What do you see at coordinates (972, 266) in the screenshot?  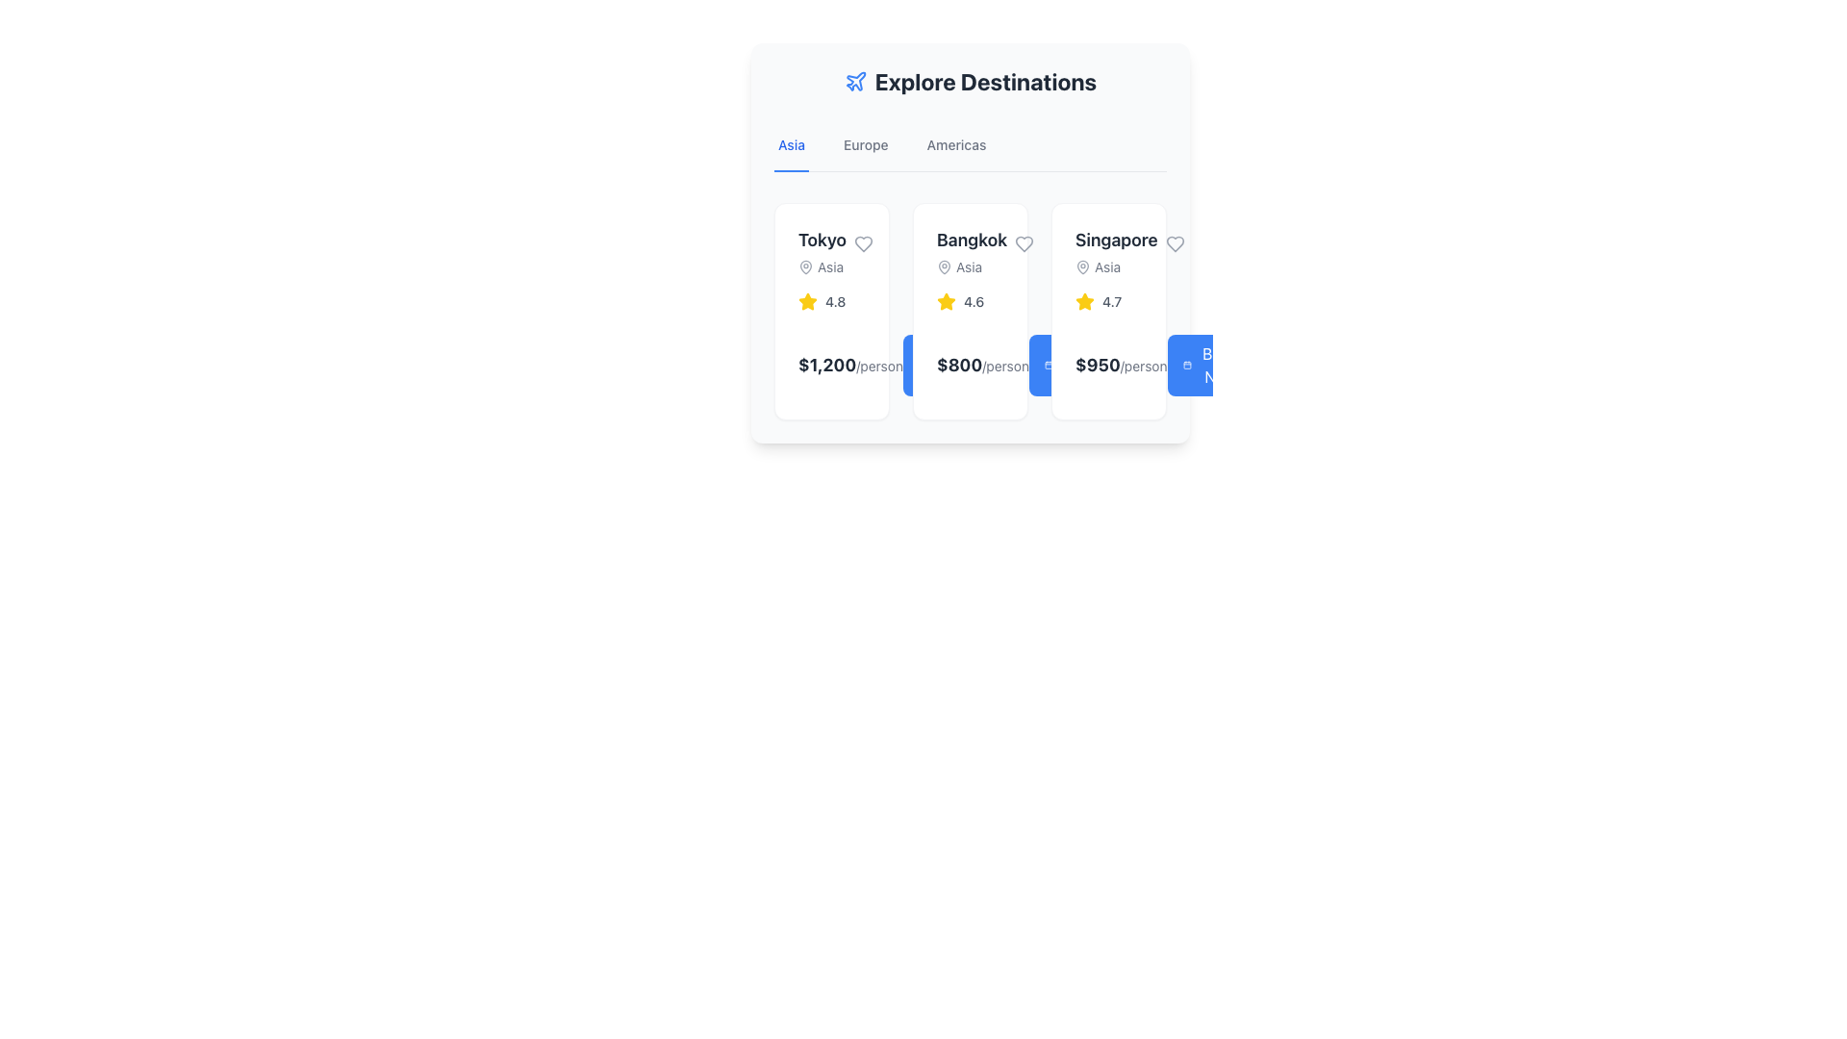 I see `the text indicating the geographical region of the city 'Bangkok,' which is located under the city name in the Bangkok card within the 'Explore Destinations' section, to understand its association with the pin icon` at bounding box center [972, 266].